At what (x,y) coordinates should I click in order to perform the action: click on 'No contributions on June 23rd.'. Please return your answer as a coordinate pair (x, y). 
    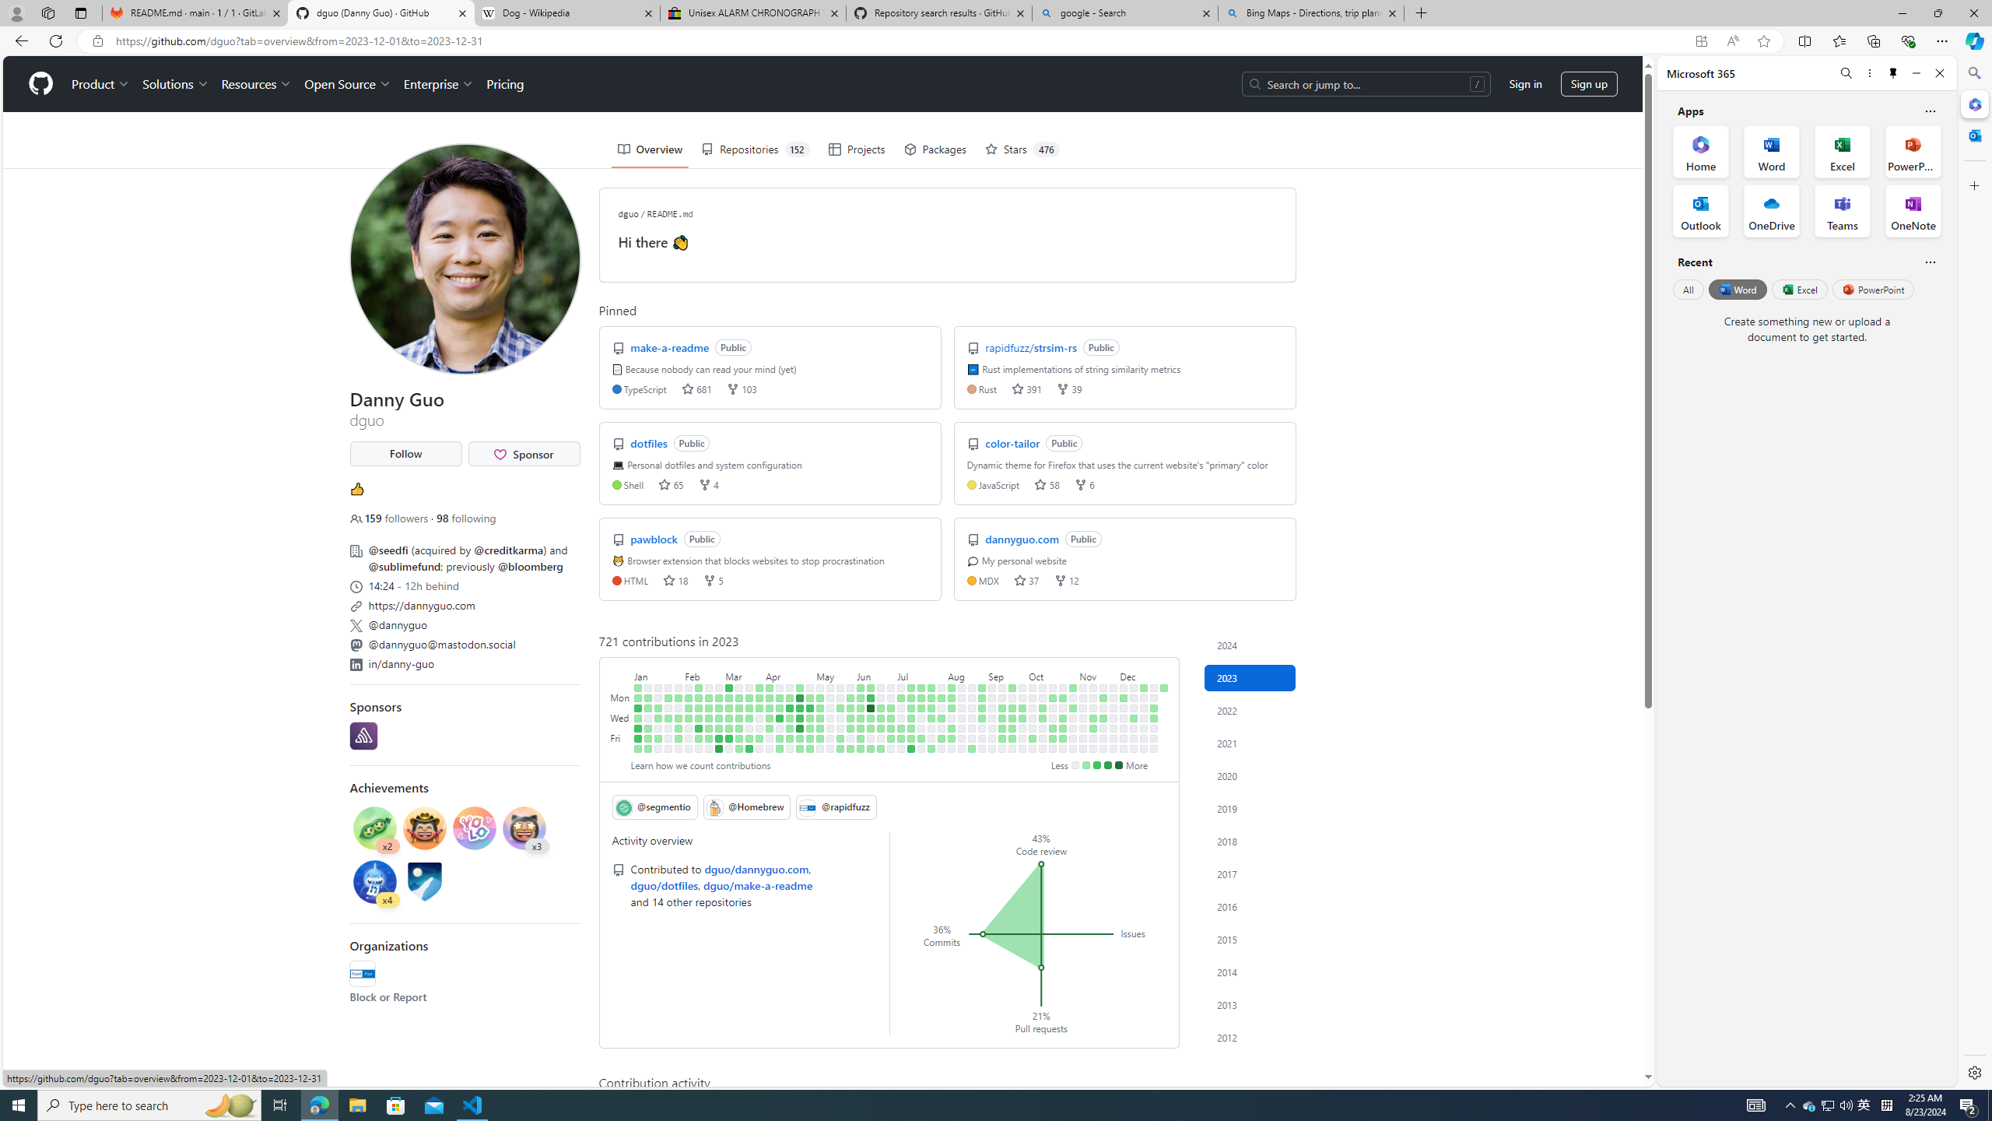
    Looking at the image, I should click on (881, 737).